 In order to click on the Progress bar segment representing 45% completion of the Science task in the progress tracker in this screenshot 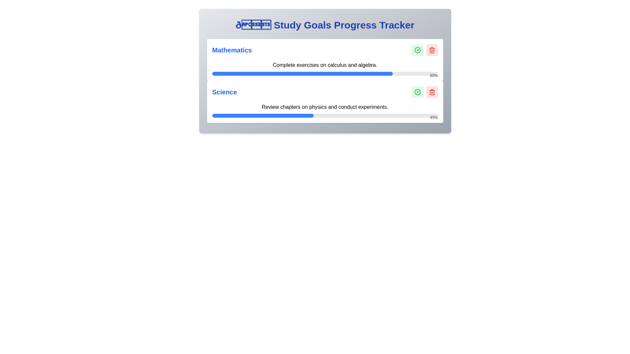, I will do `click(263, 115)`.